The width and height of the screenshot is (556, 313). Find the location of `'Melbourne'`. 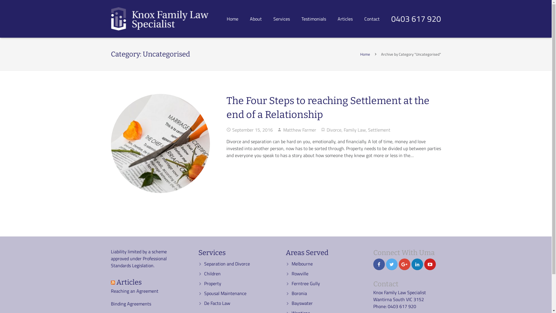

'Melbourne' is located at coordinates (302, 264).